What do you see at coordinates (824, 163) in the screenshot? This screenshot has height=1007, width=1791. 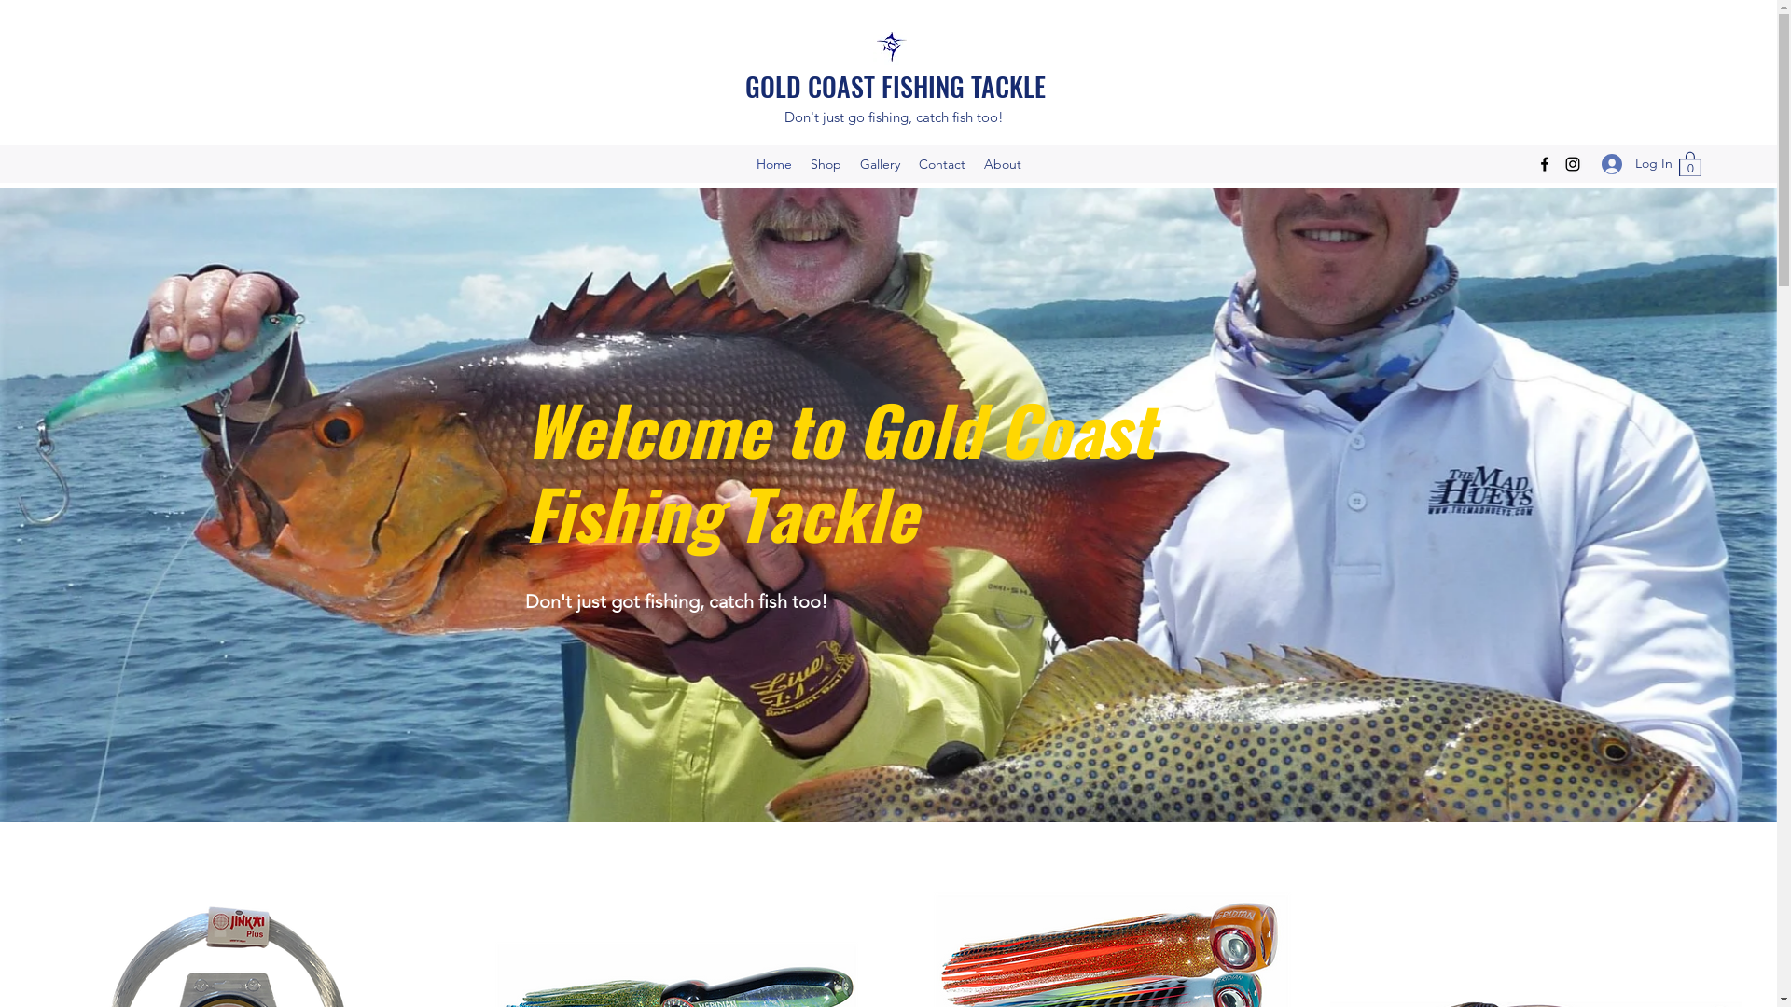 I see `'Shop'` at bounding box center [824, 163].